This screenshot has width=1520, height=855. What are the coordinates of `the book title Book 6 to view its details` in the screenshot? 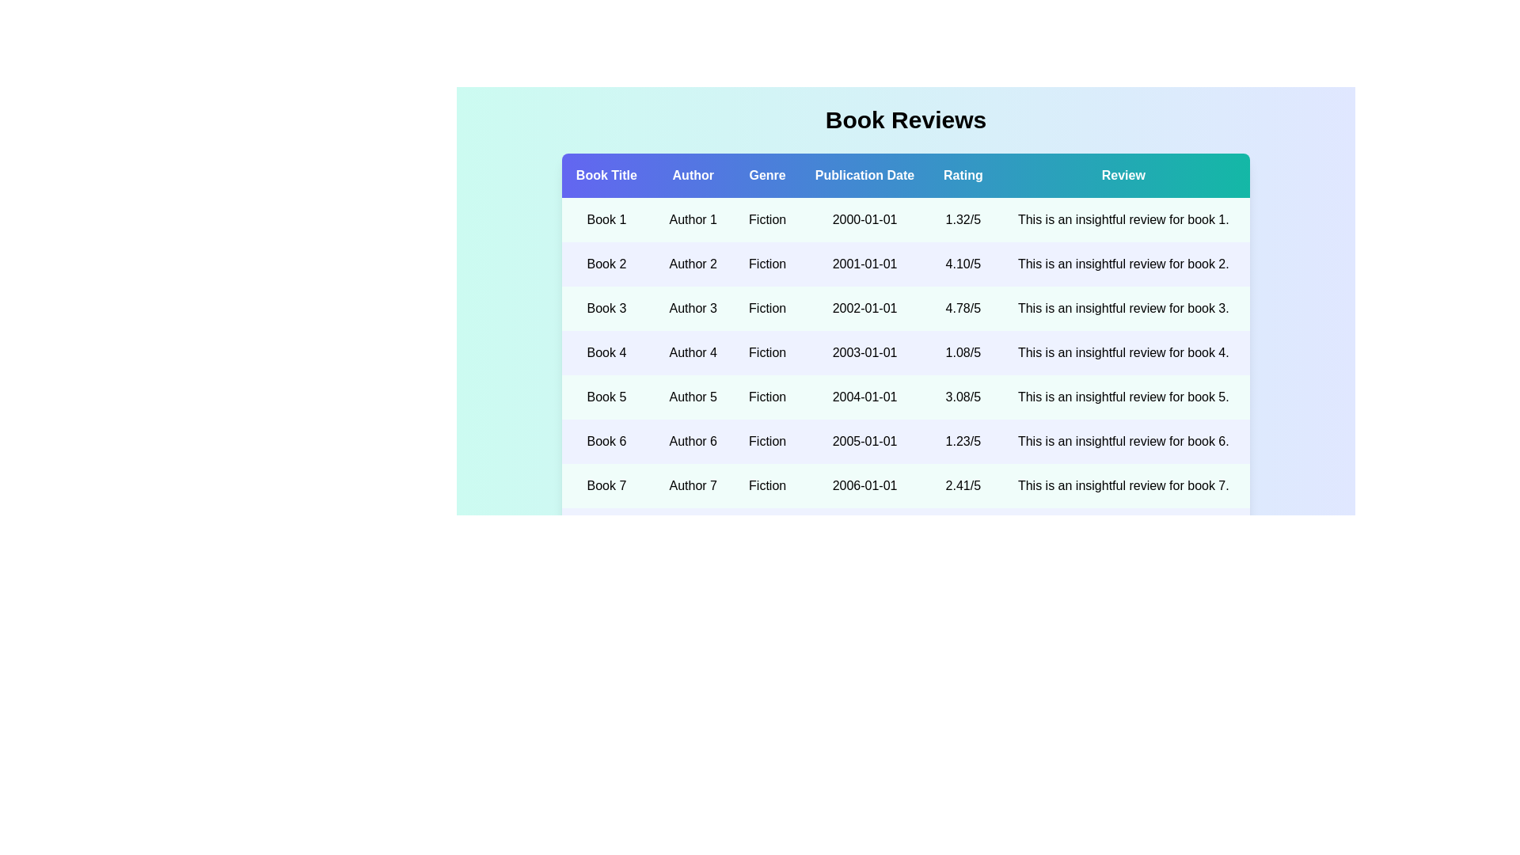 It's located at (606, 442).